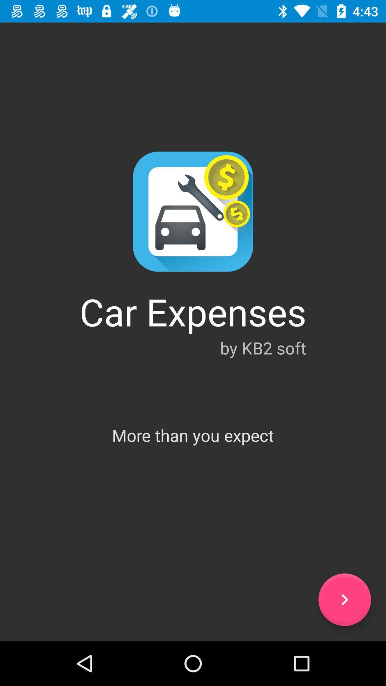 The height and width of the screenshot is (686, 386). I want to click on icon below more than you item, so click(344, 600).